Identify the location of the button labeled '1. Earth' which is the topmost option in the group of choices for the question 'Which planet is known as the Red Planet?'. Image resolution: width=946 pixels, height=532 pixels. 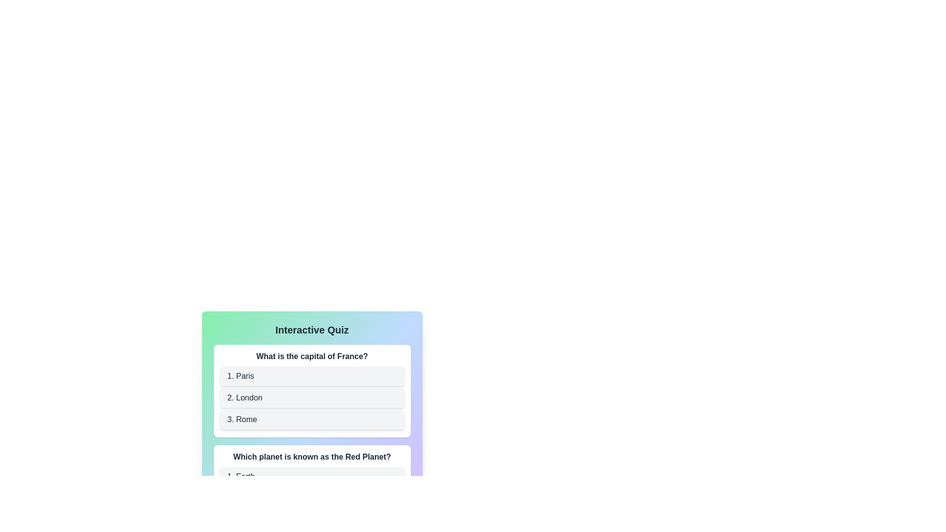
(311, 476).